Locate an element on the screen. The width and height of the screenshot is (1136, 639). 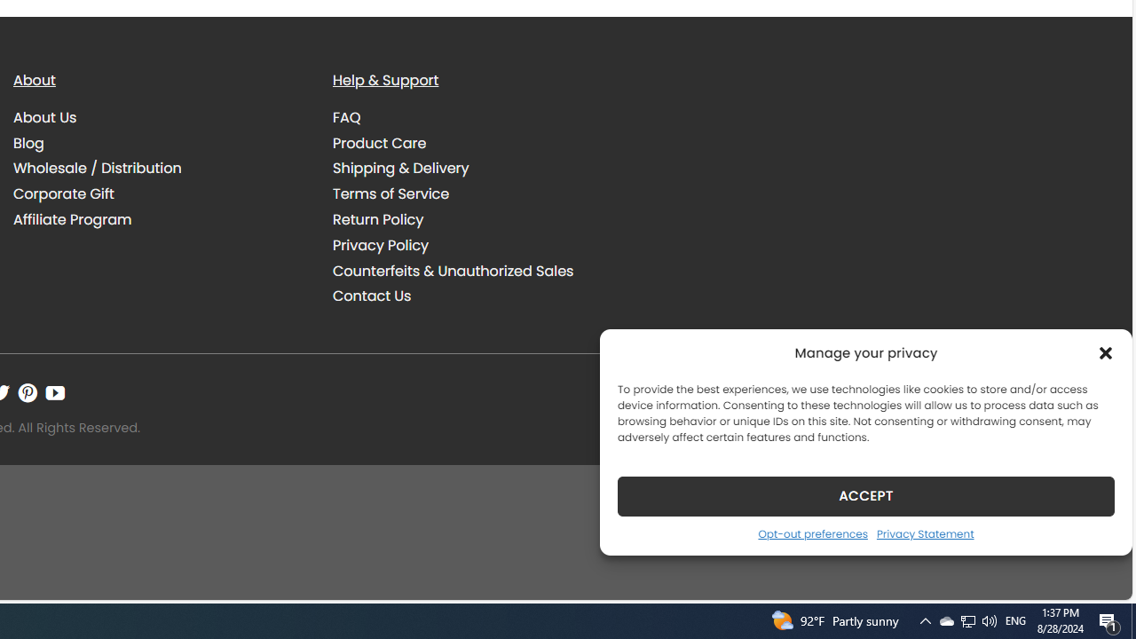
'Class: cmplz-close' is located at coordinates (1105, 352).